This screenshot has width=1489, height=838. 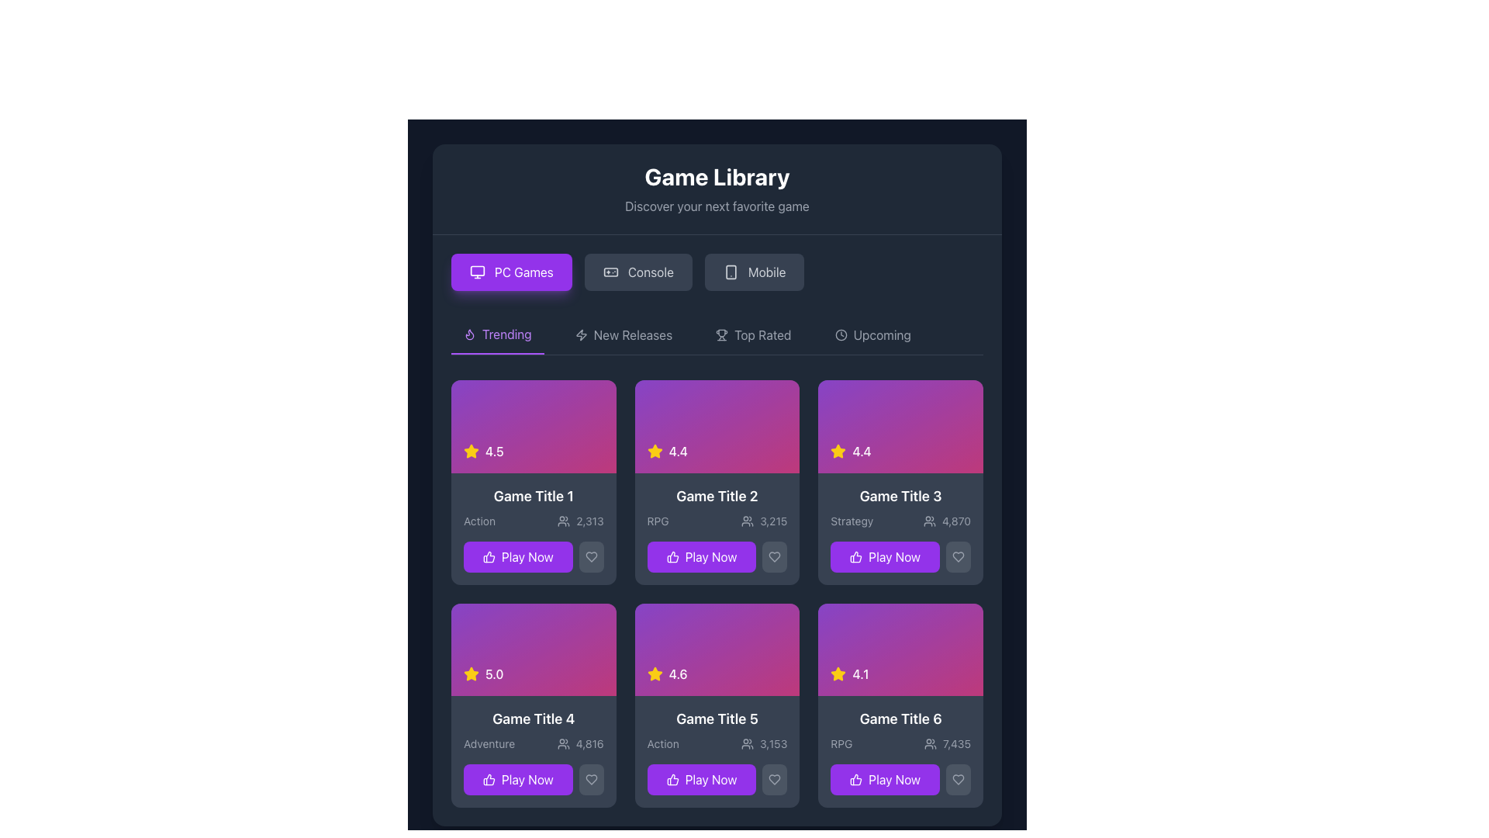 What do you see at coordinates (590, 780) in the screenshot?
I see `the heart-shaped icon button located at the bottom right corner of the 'Game Title 4' card` at bounding box center [590, 780].